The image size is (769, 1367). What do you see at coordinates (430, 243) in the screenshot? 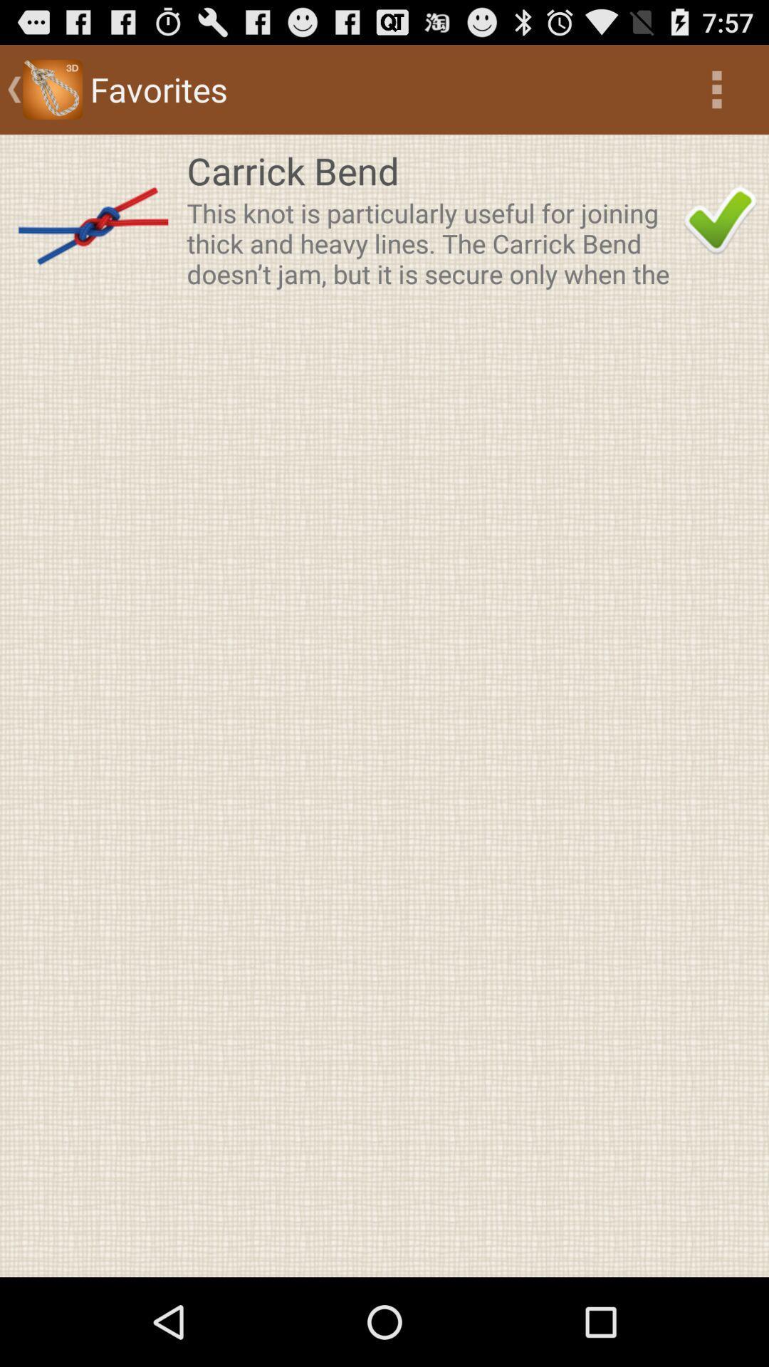
I see `the app below the carrick bend icon` at bounding box center [430, 243].